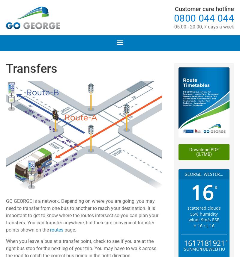 The height and width of the screenshot is (257, 240). I want to click on '19', so click(212, 243).